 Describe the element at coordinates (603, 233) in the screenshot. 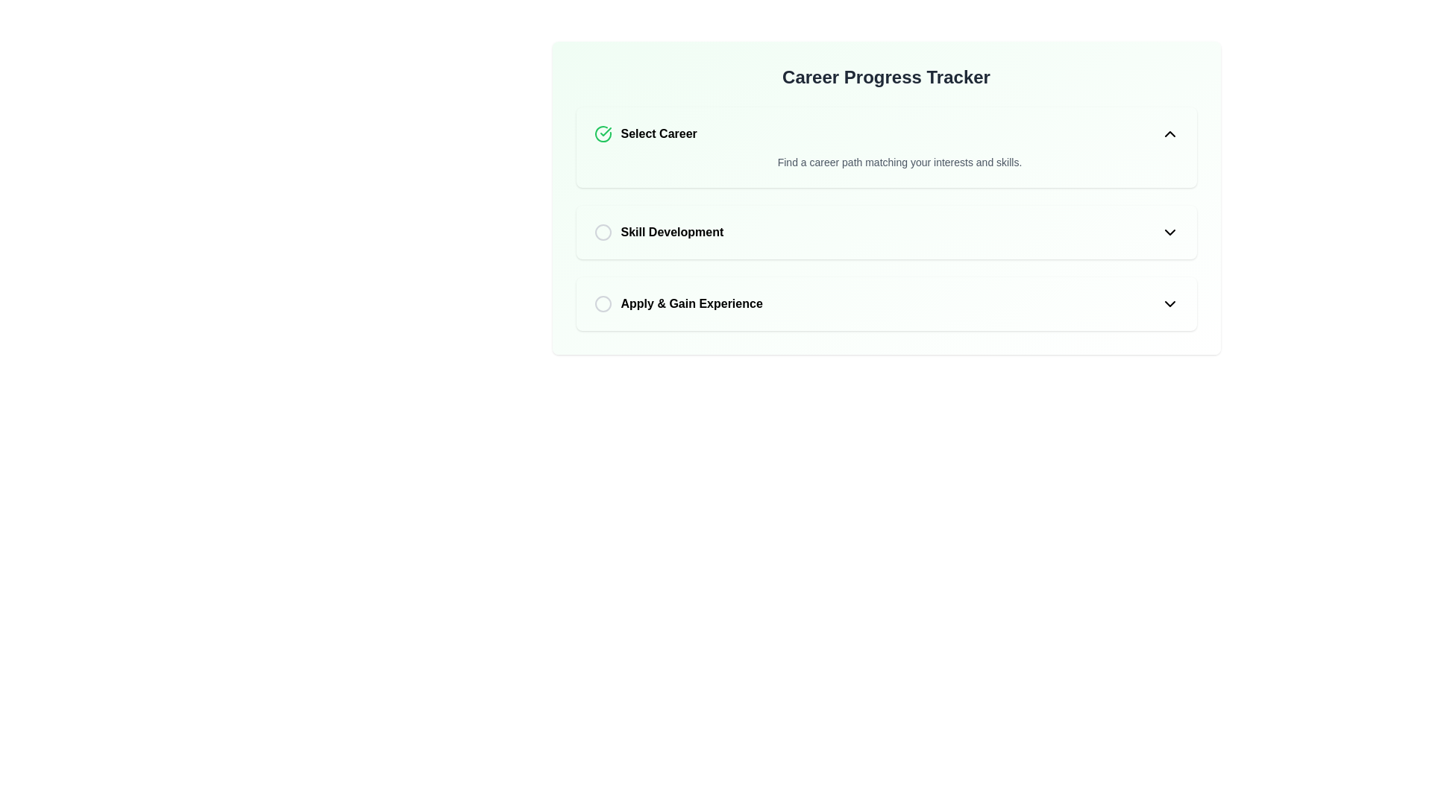

I see `the hollow circle icon with a gray-border outline, which represents an unselected step in the 'Skill Development' entry of the vertically stacked list` at that location.